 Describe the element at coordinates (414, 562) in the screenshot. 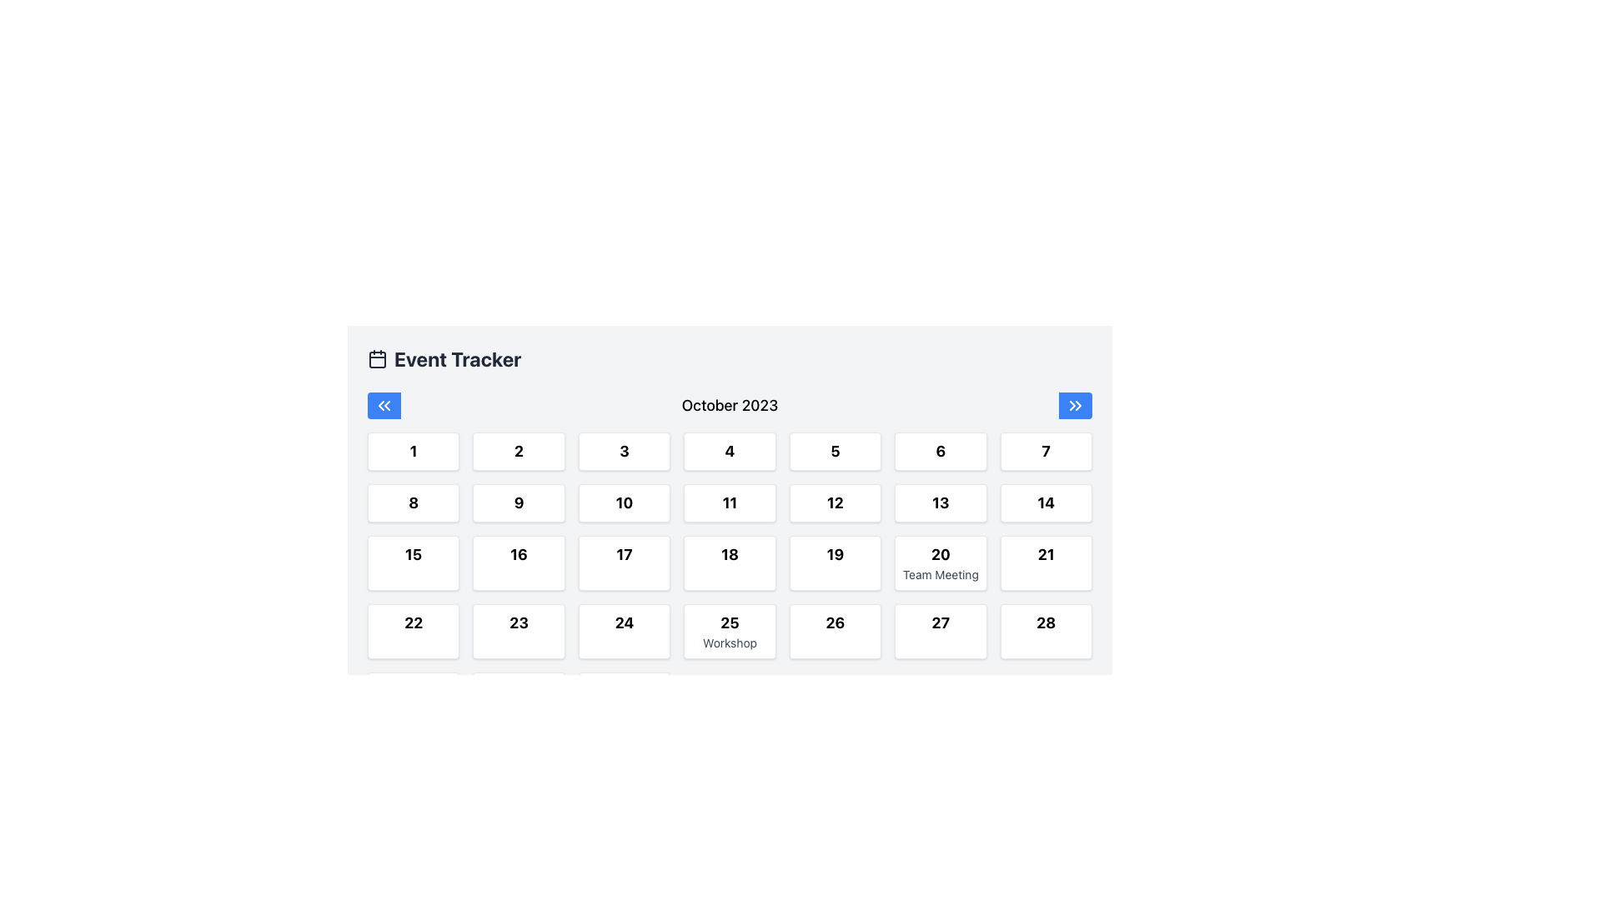

I see `the calendar day cell displaying the number '15' in the third row and fifth column of the grid layout` at that location.